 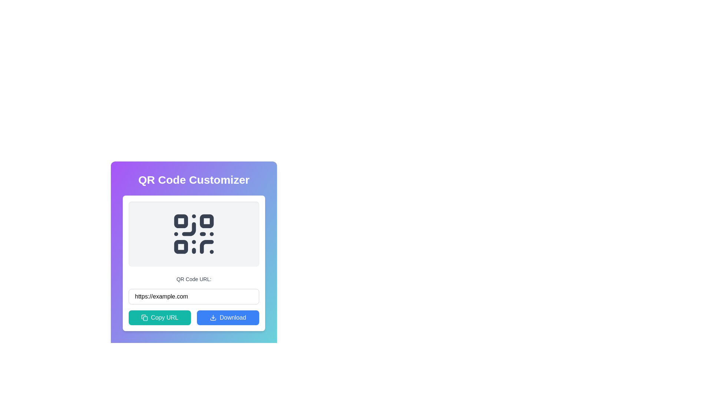 What do you see at coordinates (194, 317) in the screenshot?
I see `the grouped dual-action toolbar consisting of 'Copy URL' and 'Download' buttons` at bounding box center [194, 317].